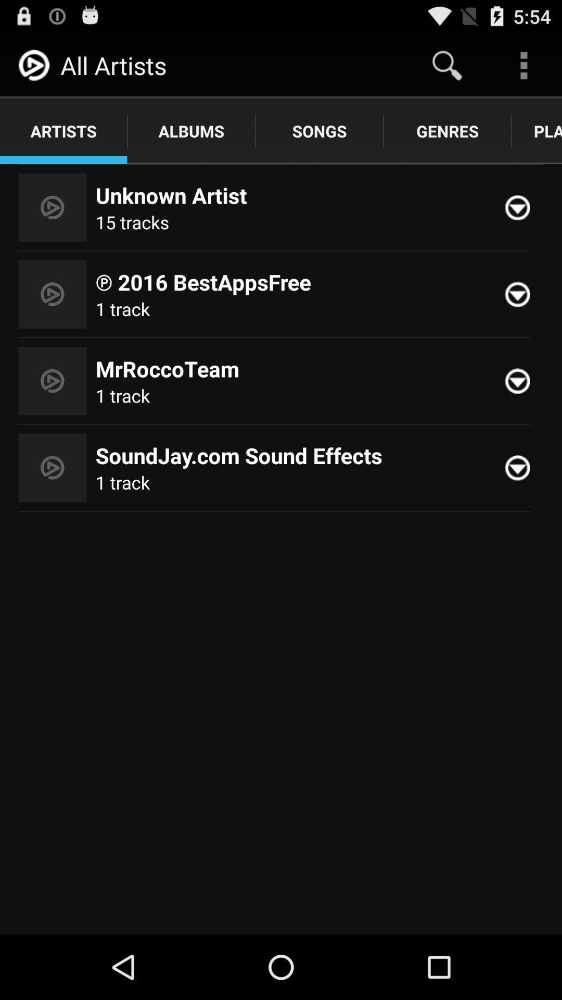 The width and height of the screenshot is (562, 1000). I want to click on the expand_more icon, so click(522, 407).